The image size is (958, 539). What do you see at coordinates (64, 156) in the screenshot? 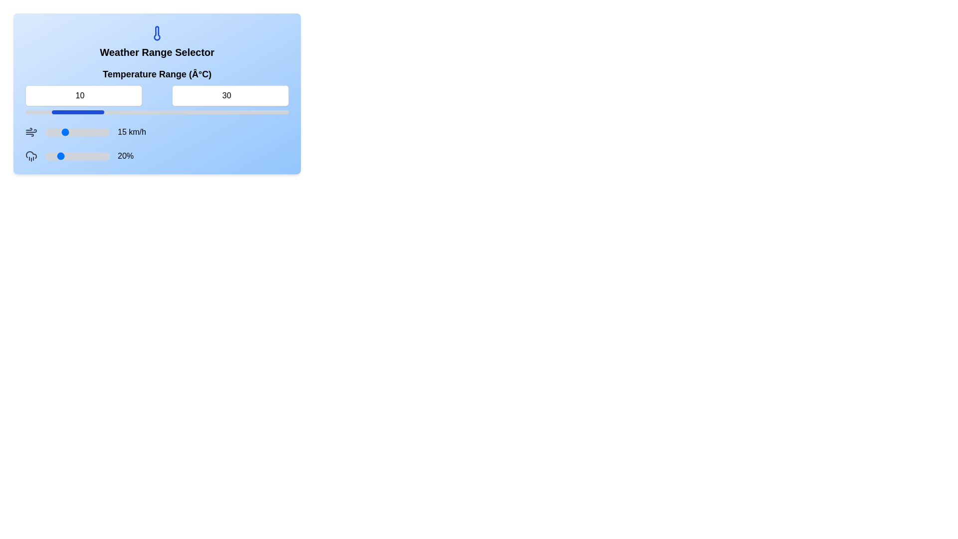
I see `the slider` at bounding box center [64, 156].